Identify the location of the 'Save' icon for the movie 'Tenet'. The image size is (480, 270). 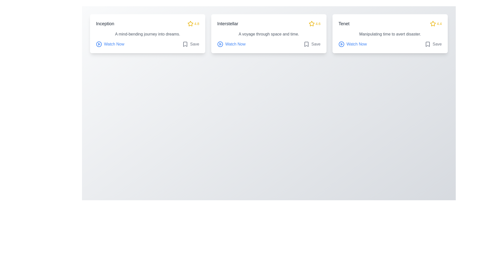
(427, 44).